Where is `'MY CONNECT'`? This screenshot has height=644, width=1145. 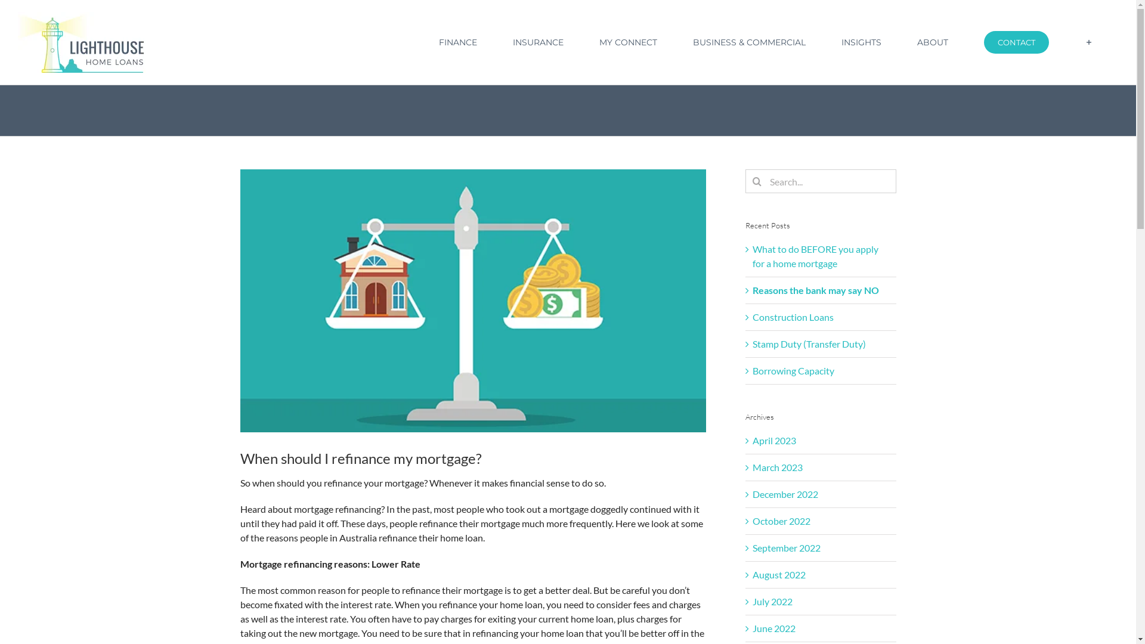
'MY CONNECT' is located at coordinates (627, 41).